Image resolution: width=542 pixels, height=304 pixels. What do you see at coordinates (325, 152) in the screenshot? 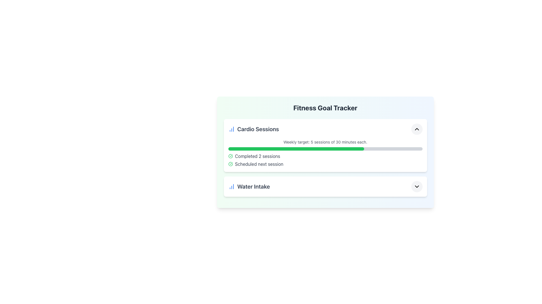
I see `the graphical representation of the progress bar indicating 70% progress within the 'Cardio Sessions' section` at bounding box center [325, 152].